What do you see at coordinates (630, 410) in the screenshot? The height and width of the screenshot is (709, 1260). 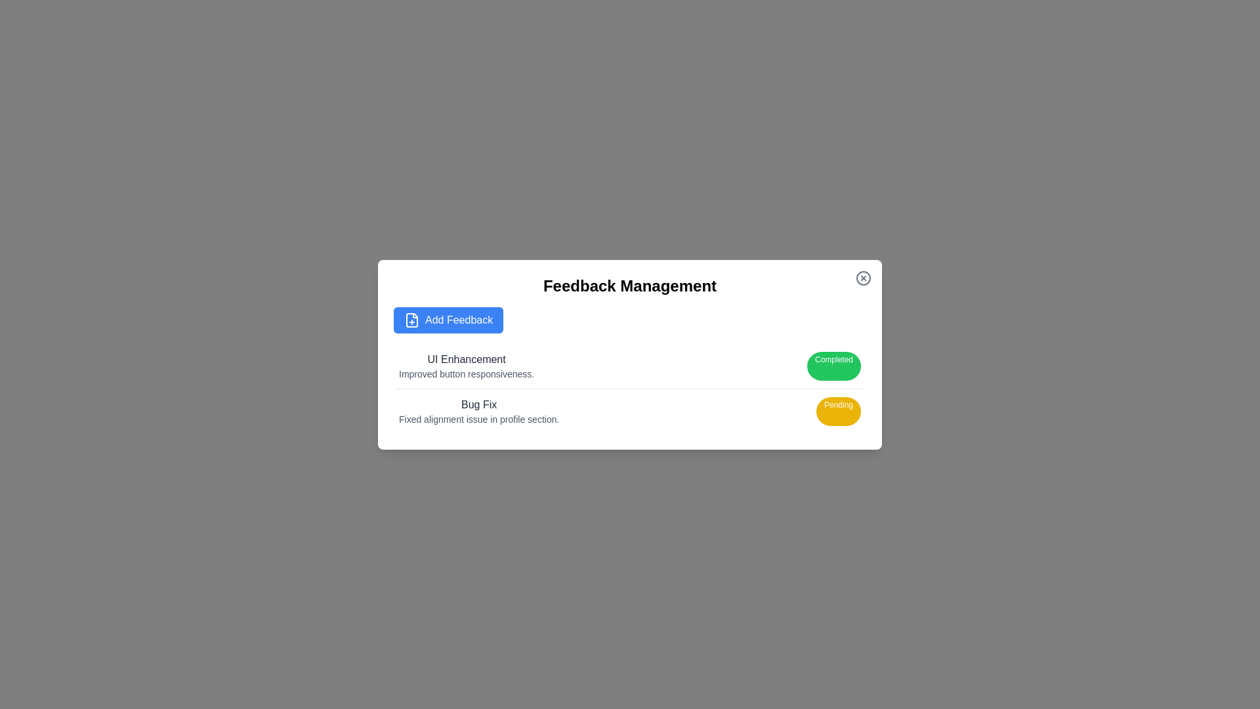 I see `the second list item` at bounding box center [630, 410].